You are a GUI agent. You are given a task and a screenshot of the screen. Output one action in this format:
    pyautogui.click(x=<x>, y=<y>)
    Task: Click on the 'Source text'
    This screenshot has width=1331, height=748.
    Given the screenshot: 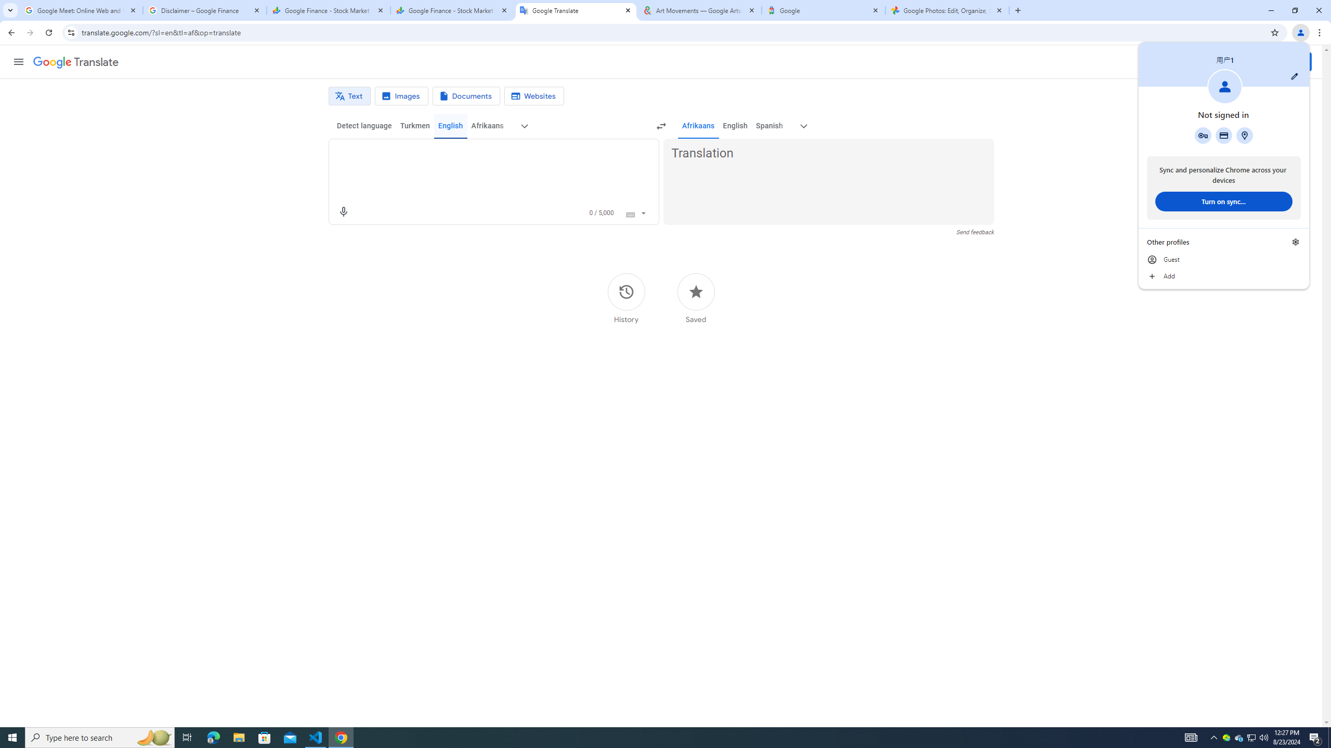 What is the action you would take?
    pyautogui.click(x=484, y=153)
    